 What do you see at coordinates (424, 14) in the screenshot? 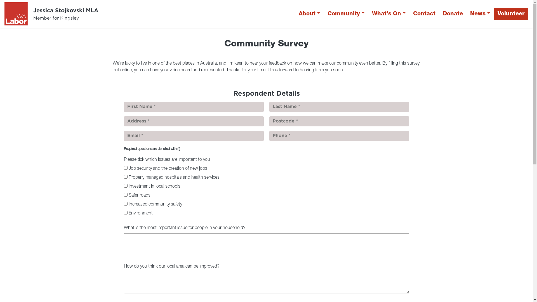
I see `'Contact'` at bounding box center [424, 14].